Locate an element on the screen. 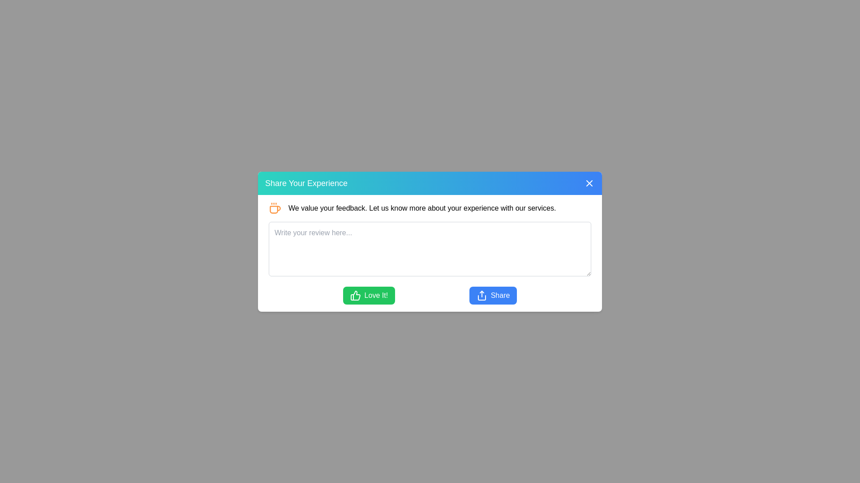 This screenshot has width=860, height=483. the text label embedded within the button UI component located at the rightmost button group in the feedback modal to initiate the share action is located at coordinates (500, 295).